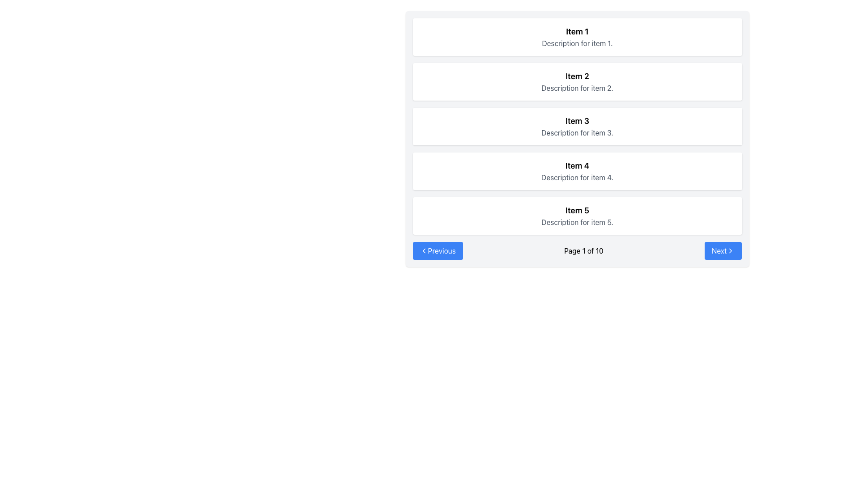 Image resolution: width=859 pixels, height=483 pixels. What do you see at coordinates (723, 250) in the screenshot?
I see `the blue 'Next' button with white text and a right arrow icon, located in the bottom-right portion of the interface, to proceed` at bounding box center [723, 250].